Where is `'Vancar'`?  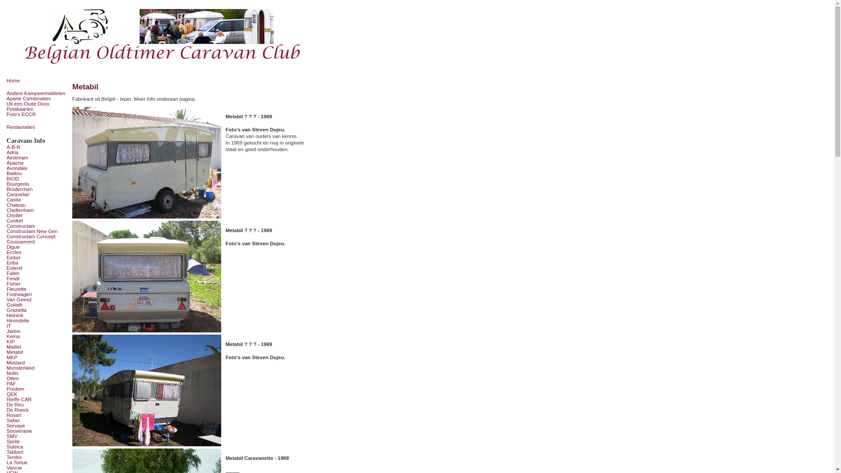
'Vancar' is located at coordinates (37, 467).